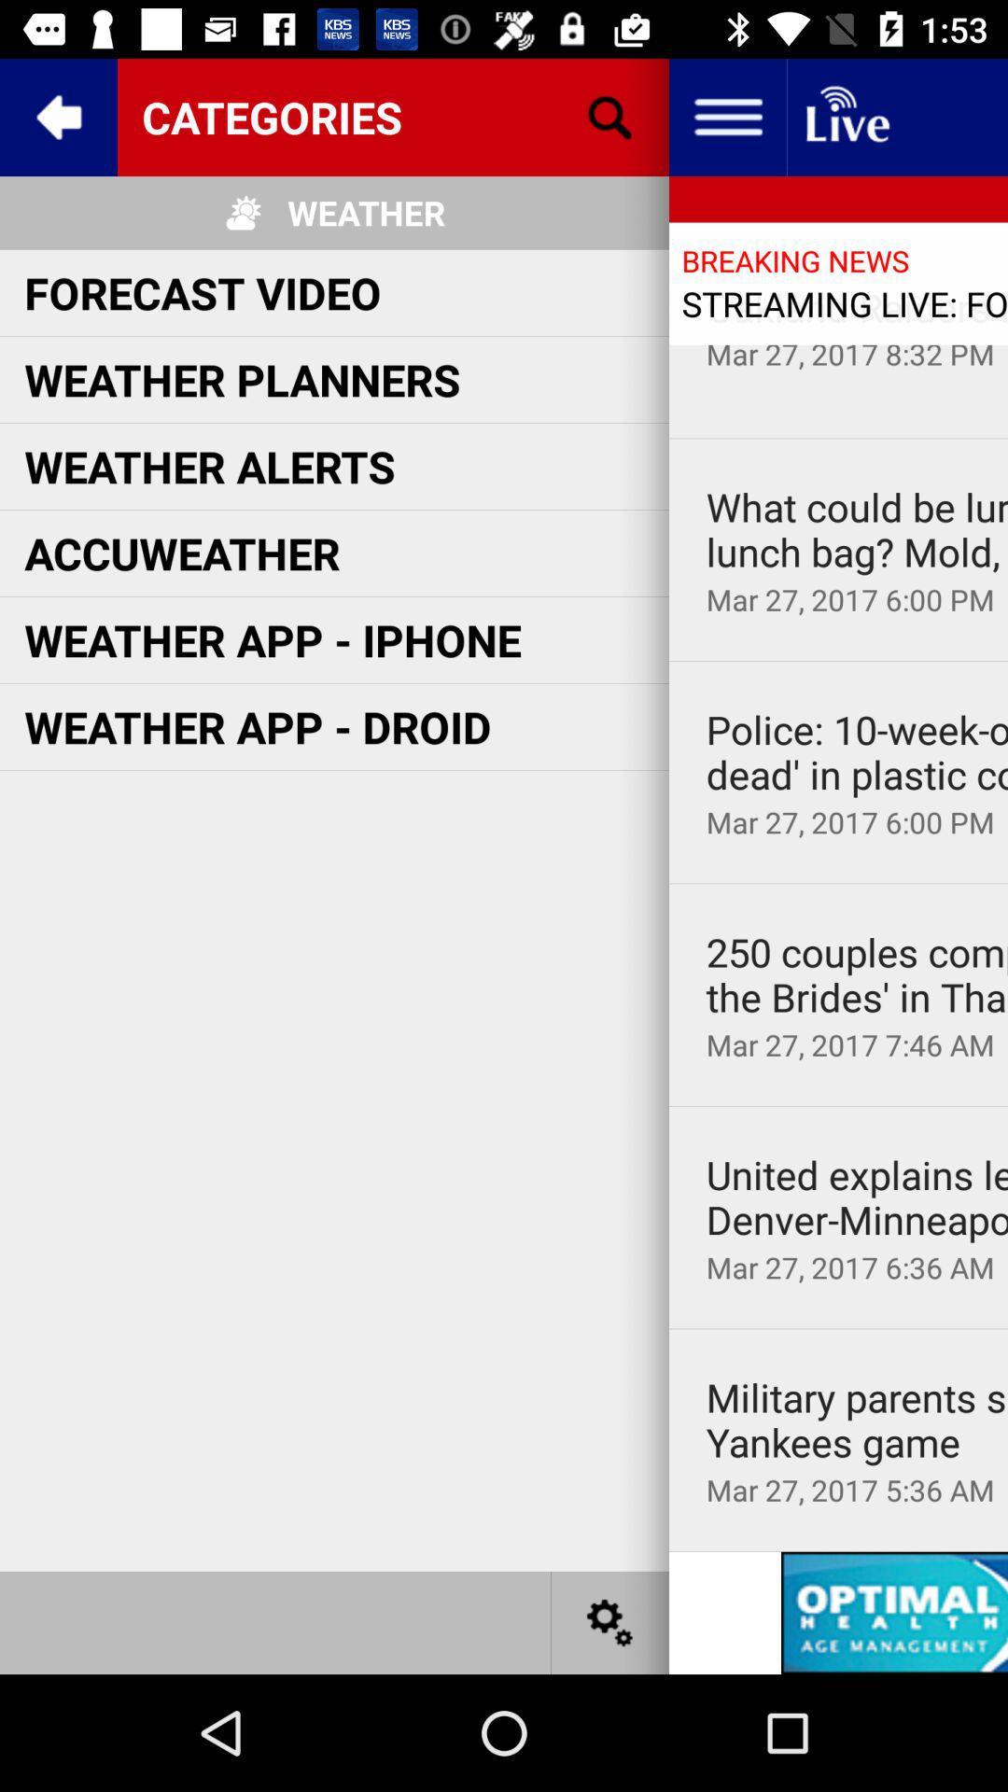 The height and width of the screenshot is (1792, 1008). Describe the element at coordinates (182, 552) in the screenshot. I see `accuweather icon` at that location.